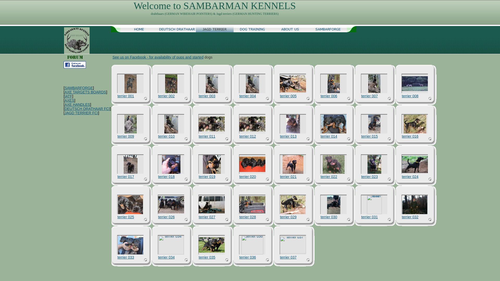 This screenshot has width=500, height=281. Describe the element at coordinates (415, 204) in the screenshot. I see `'terrier 032'` at that location.